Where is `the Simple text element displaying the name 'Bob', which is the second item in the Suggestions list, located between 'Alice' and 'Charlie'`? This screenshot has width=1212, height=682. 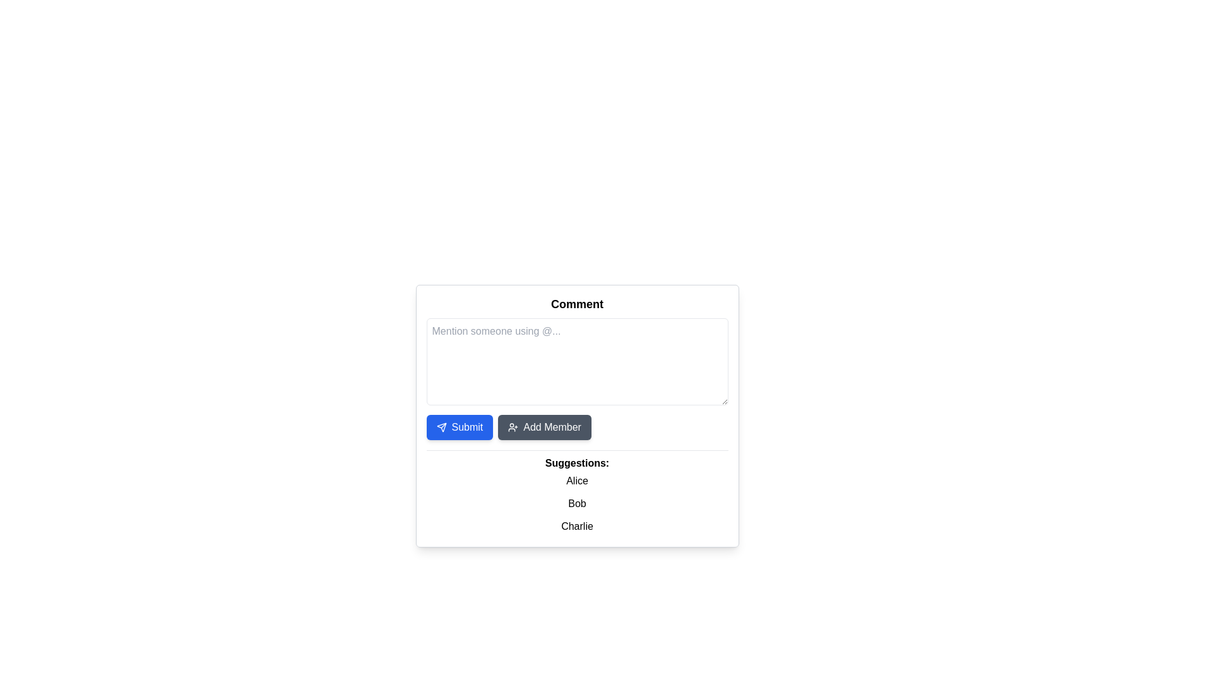
the Simple text element displaying the name 'Bob', which is the second item in the Suggestions list, located between 'Alice' and 'Charlie' is located at coordinates (576, 503).